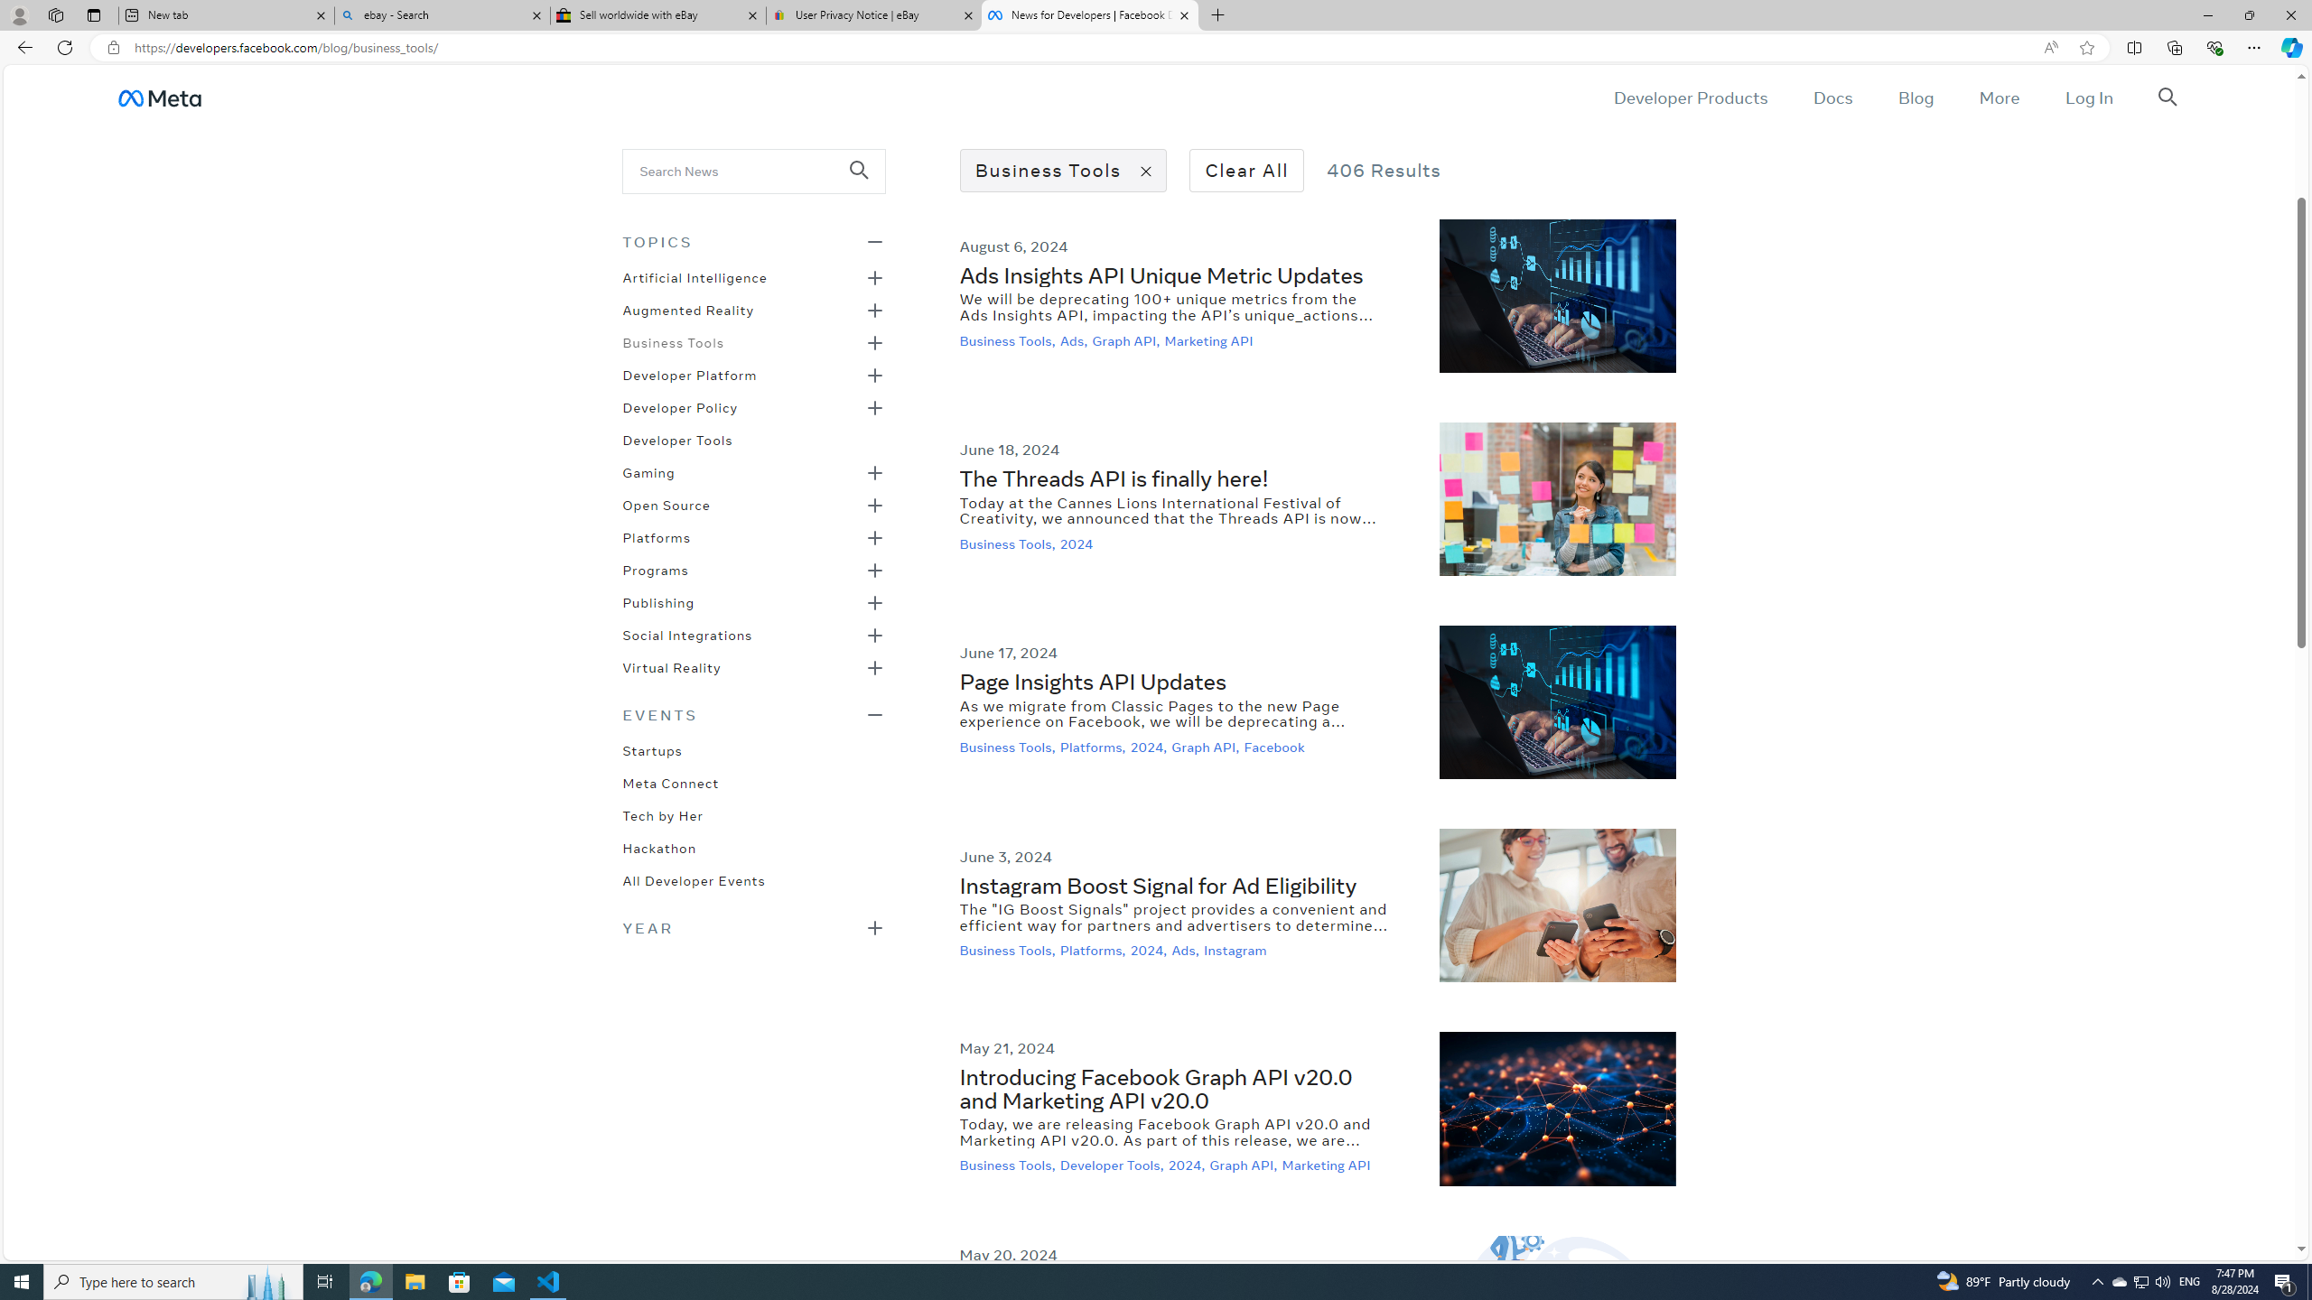 Image resolution: width=2312 pixels, height=1300 pixels. What do you see at coordinates (2087, 97) in the screenshot?
I see `'Log In'` at bounding box center [2087, 97].